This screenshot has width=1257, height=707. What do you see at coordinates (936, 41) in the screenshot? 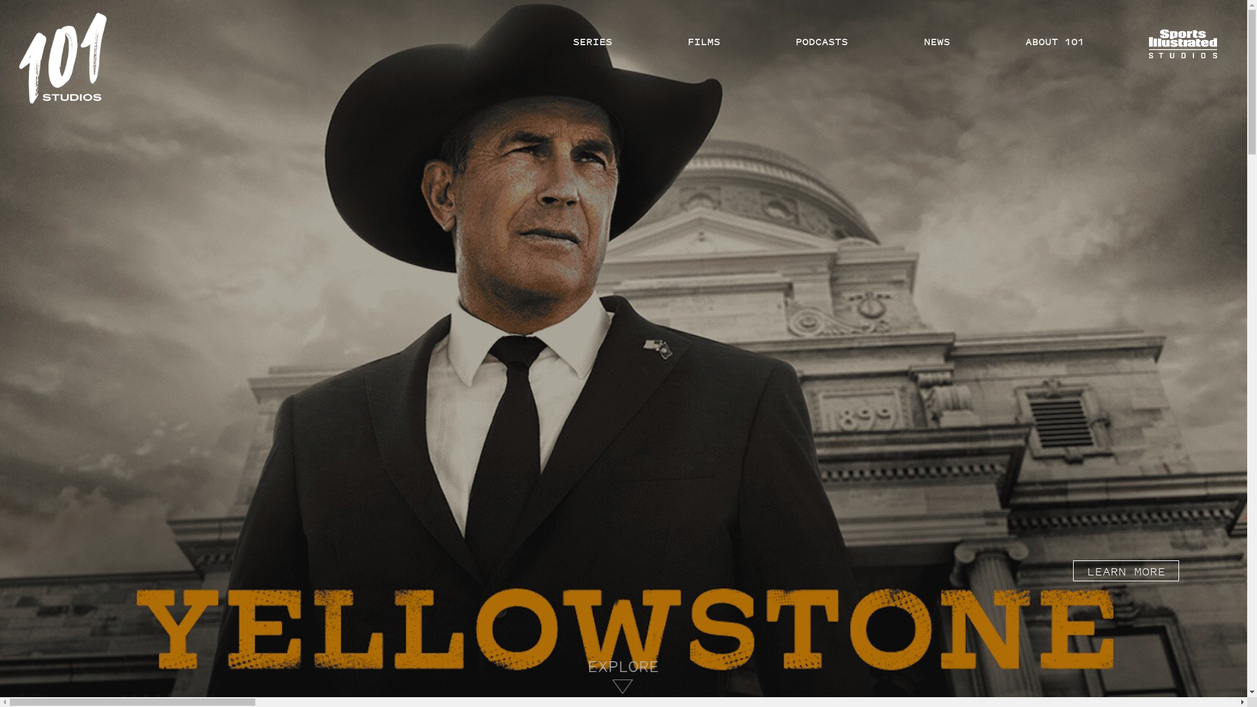
I see `'NEWS'` at bounding box center [936, 41].